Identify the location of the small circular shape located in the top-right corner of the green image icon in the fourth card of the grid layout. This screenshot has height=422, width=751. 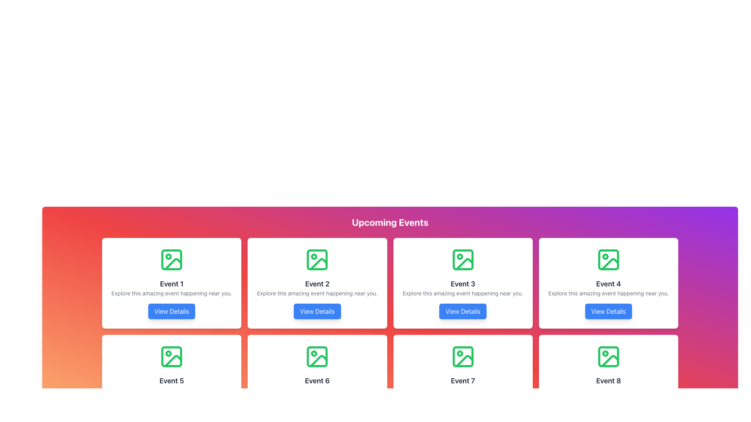
(605, 256).